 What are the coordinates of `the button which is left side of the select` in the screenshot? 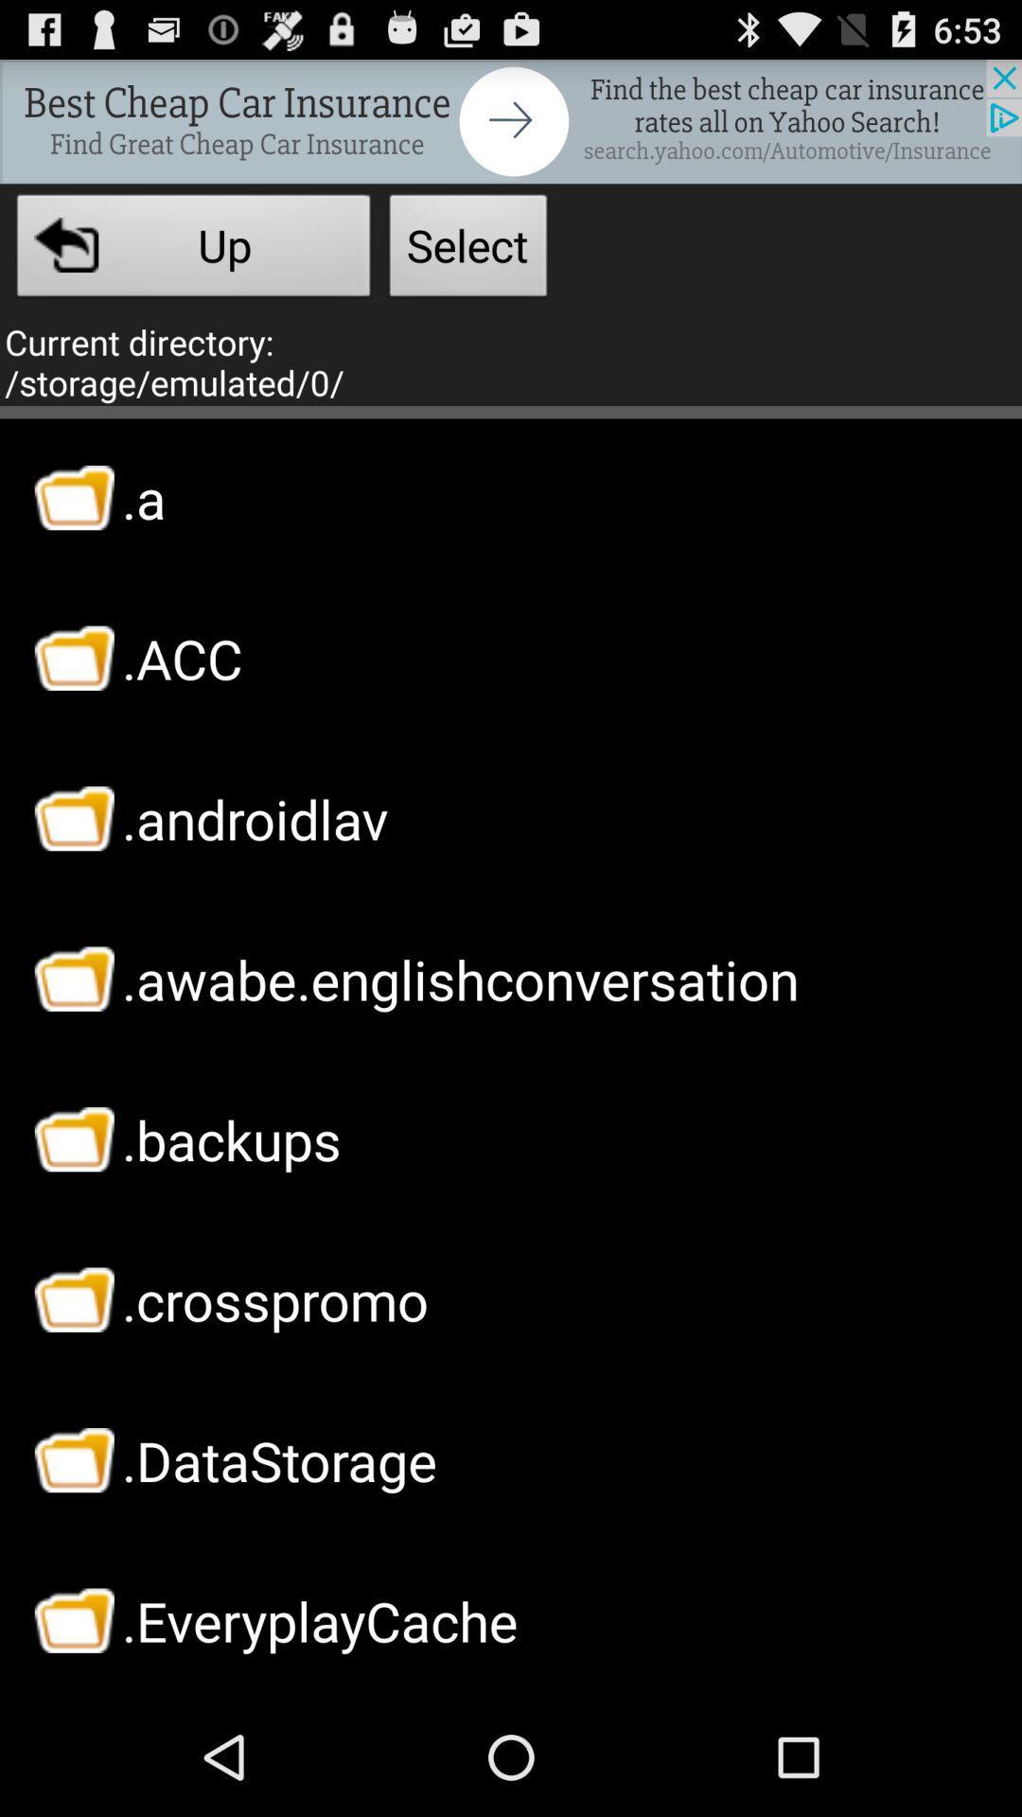 It's located at (193, 250).